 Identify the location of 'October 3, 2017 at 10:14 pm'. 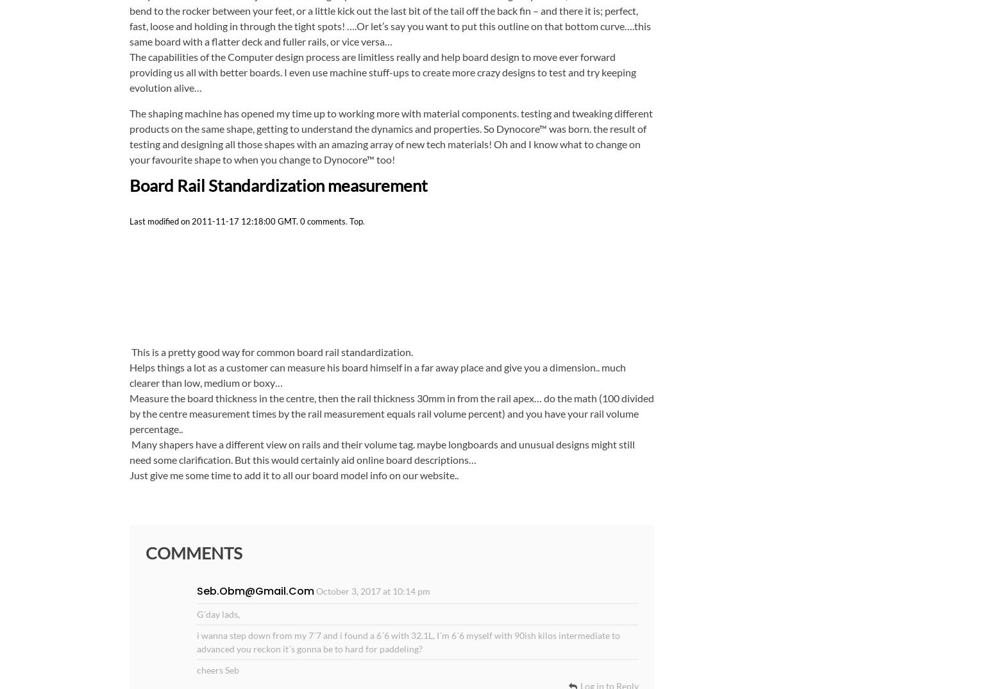
(372, 590).